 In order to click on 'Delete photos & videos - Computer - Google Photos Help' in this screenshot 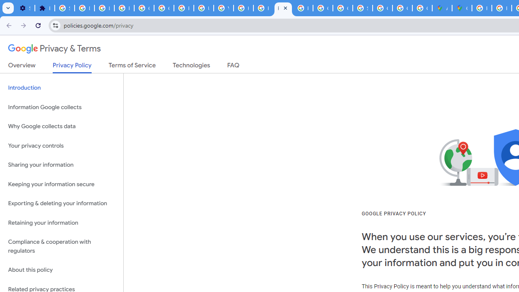, I will do `click(84, 8)`.